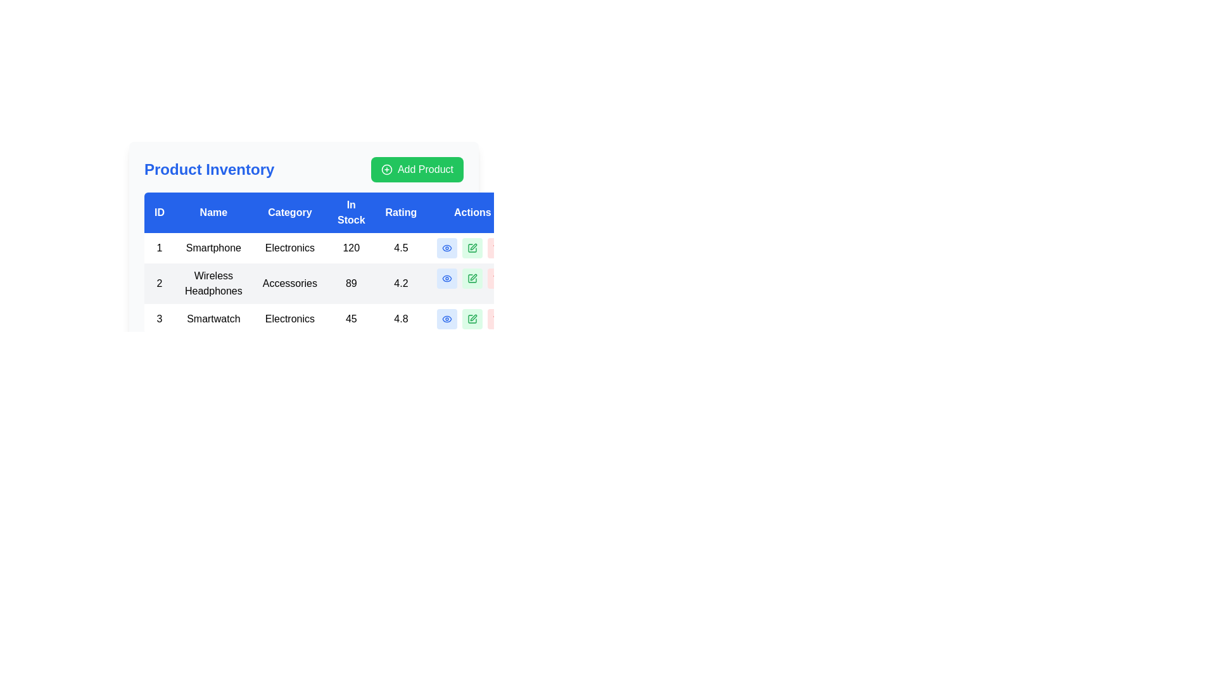 The height and width of the screenshot is (684, 1216). Describe the element at coordinates (447, 248) in the screenshot. I see `the blue button with a circular eye icon in the 'Actions' column of the first row, related to the 'Smartphone' item to trigger the hover effect` at that location.